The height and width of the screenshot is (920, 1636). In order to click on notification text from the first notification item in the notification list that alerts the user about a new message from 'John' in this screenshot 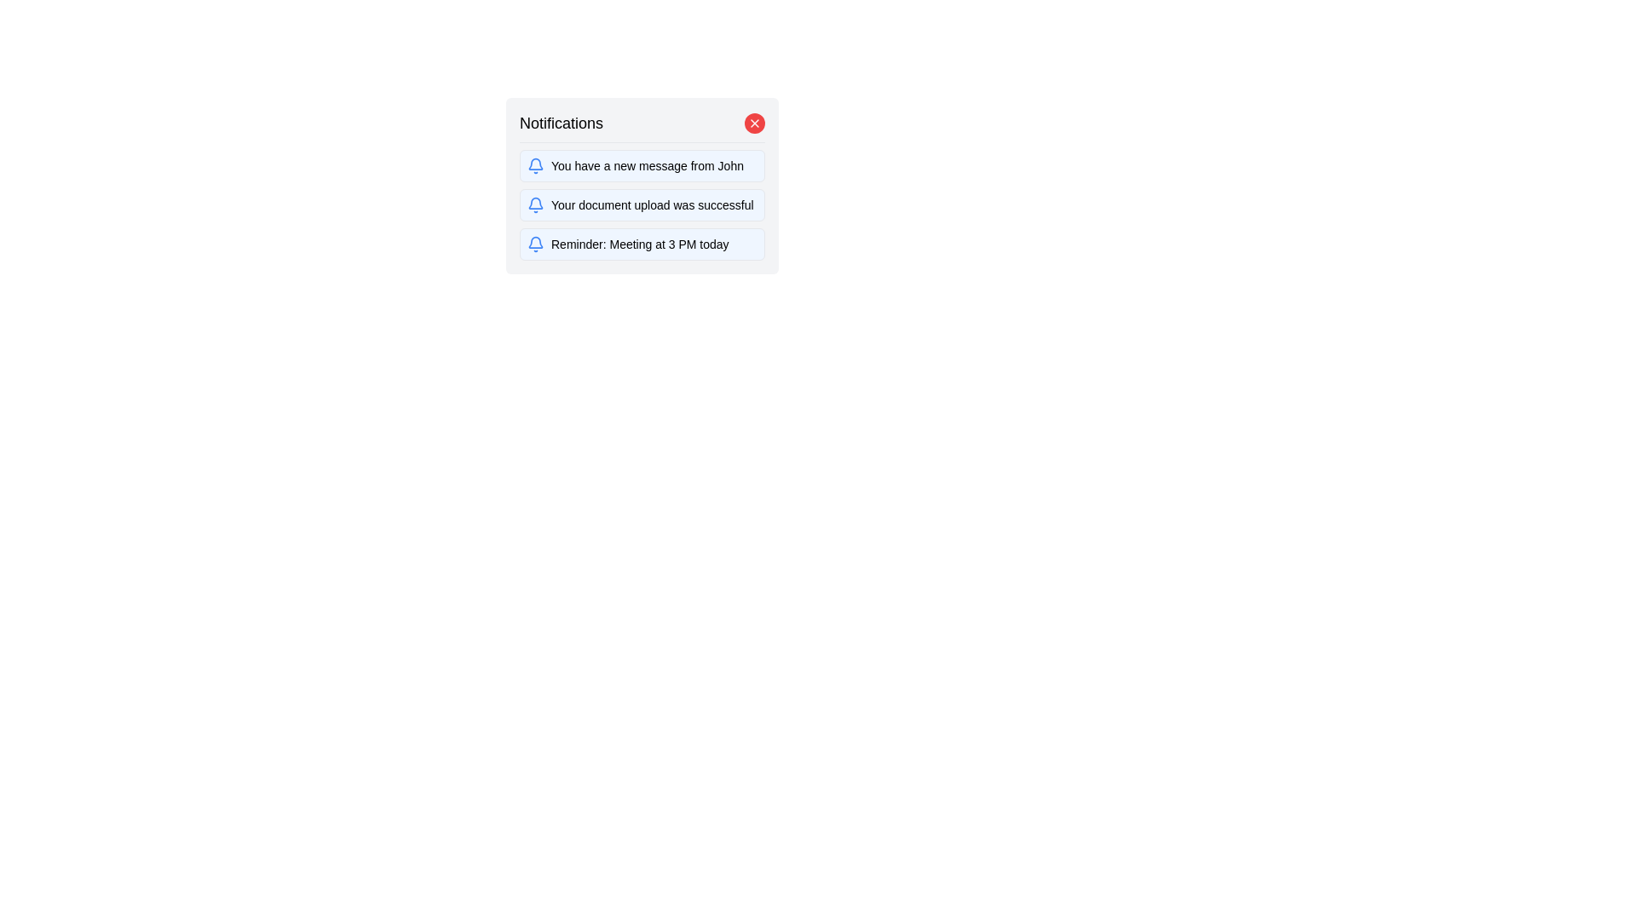, I will do `click(641, 166)`.